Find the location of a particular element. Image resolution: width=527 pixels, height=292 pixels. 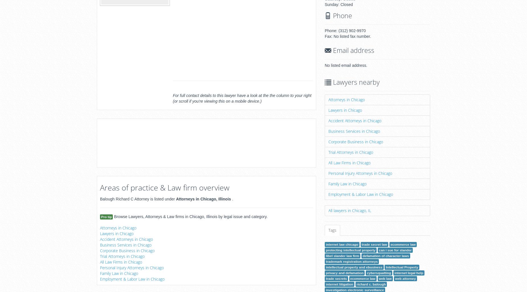

'internet litigation' is located at coordinates (339, 284).